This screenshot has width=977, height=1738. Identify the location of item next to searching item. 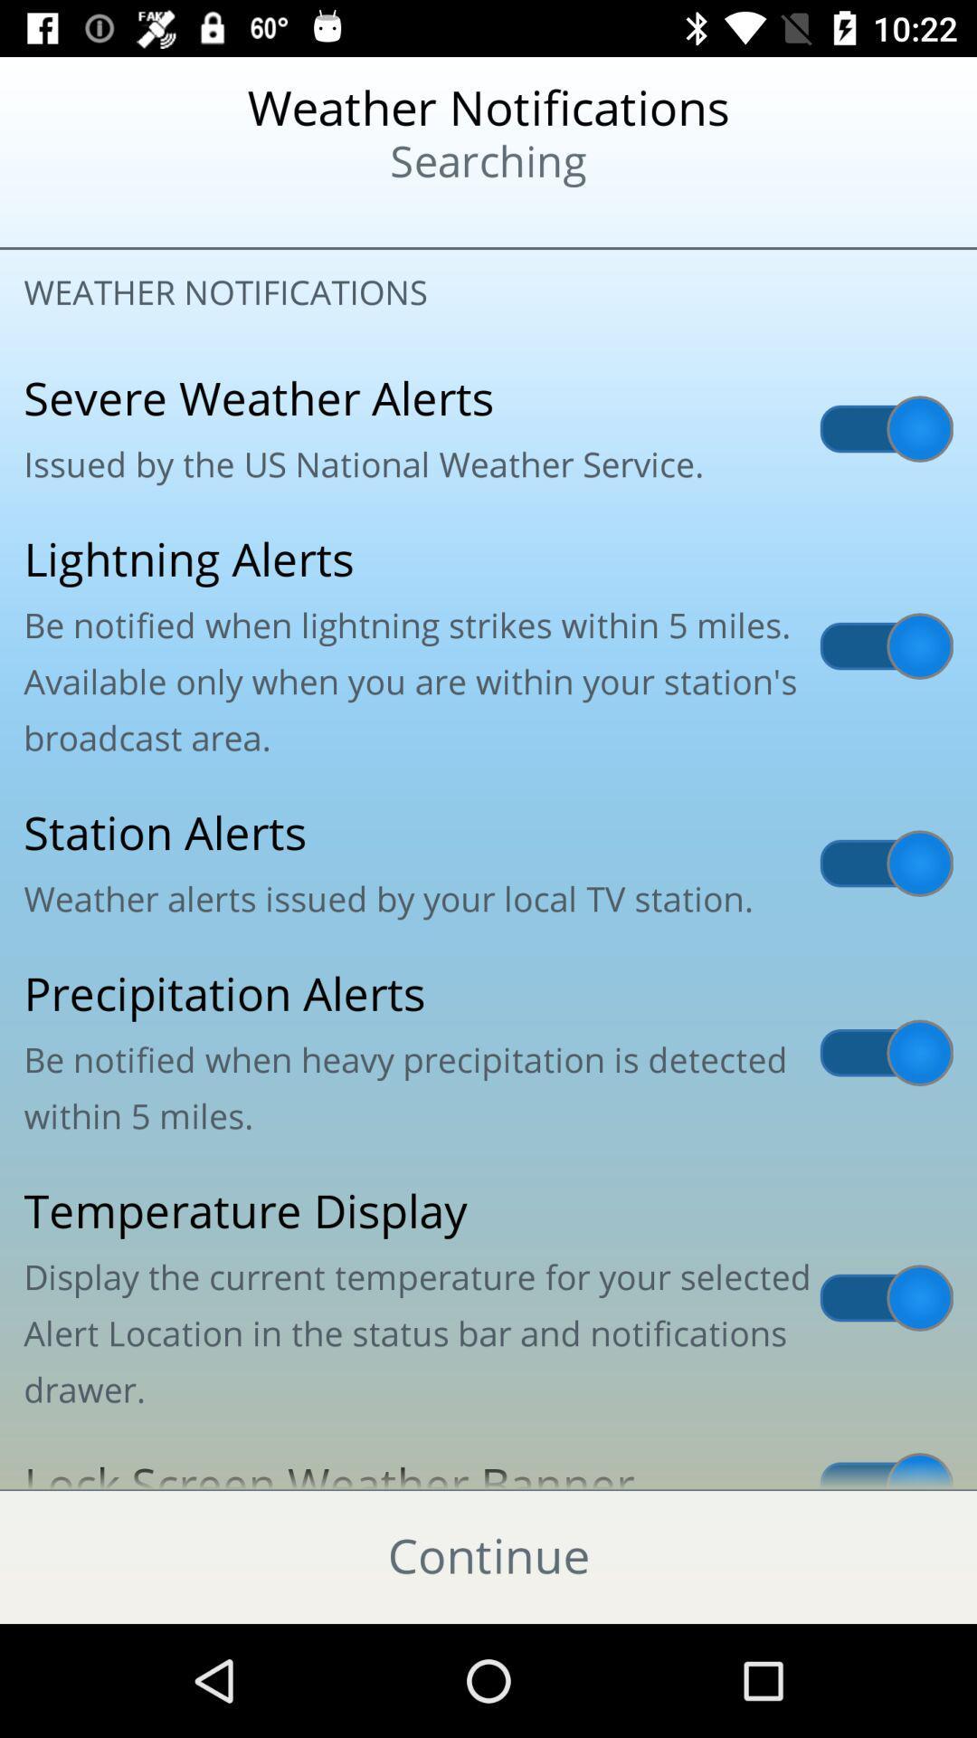
(119, 217).